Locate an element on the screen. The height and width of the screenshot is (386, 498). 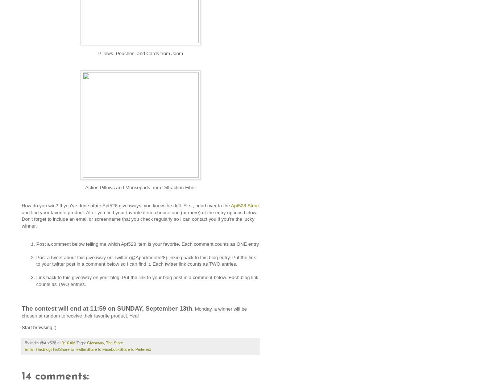
'Pillows, Pouches, and Cards from Joom' is located at coordinates (140, 53).